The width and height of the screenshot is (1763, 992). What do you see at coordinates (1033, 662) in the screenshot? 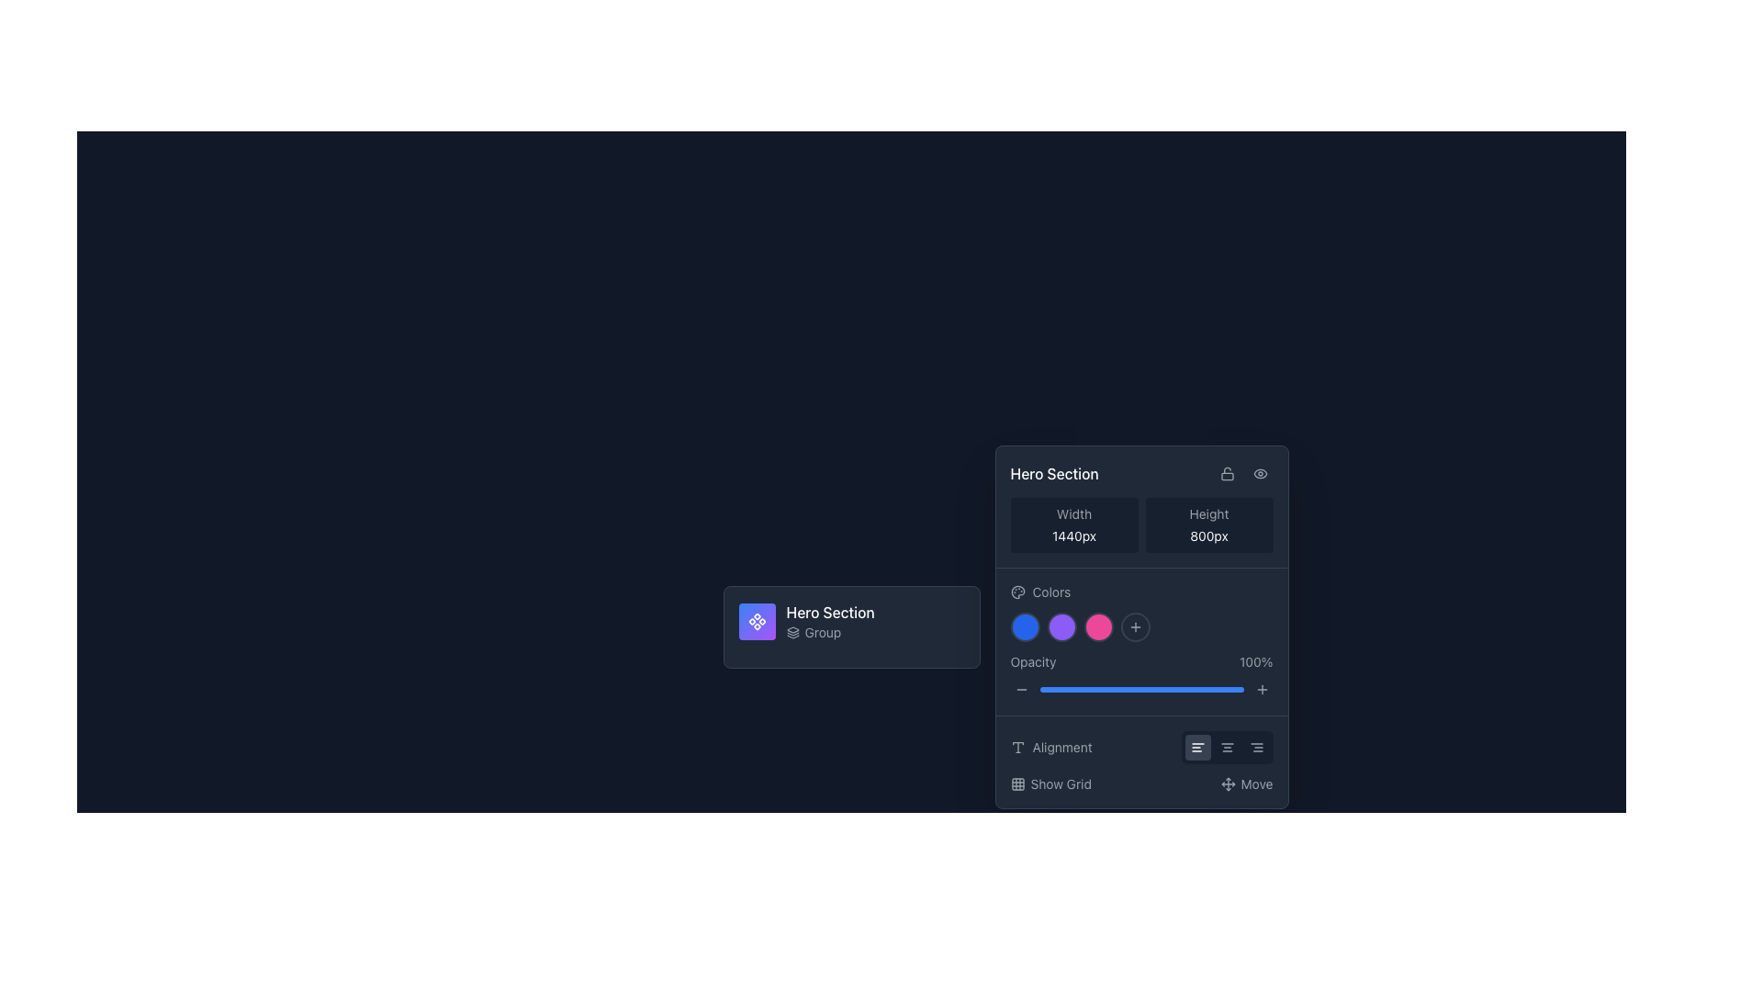
I see `the text label displaying 'Opacity' in the 'Hero Section' settings panel, which is styled in a small, light gray font and precedes the '100%' percentage value` at bounding box center [1033, 662].